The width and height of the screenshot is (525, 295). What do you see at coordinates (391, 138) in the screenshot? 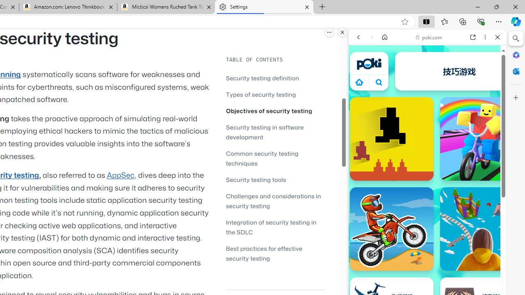
I see `'Level Devil'` at bounding box center [391, 138].